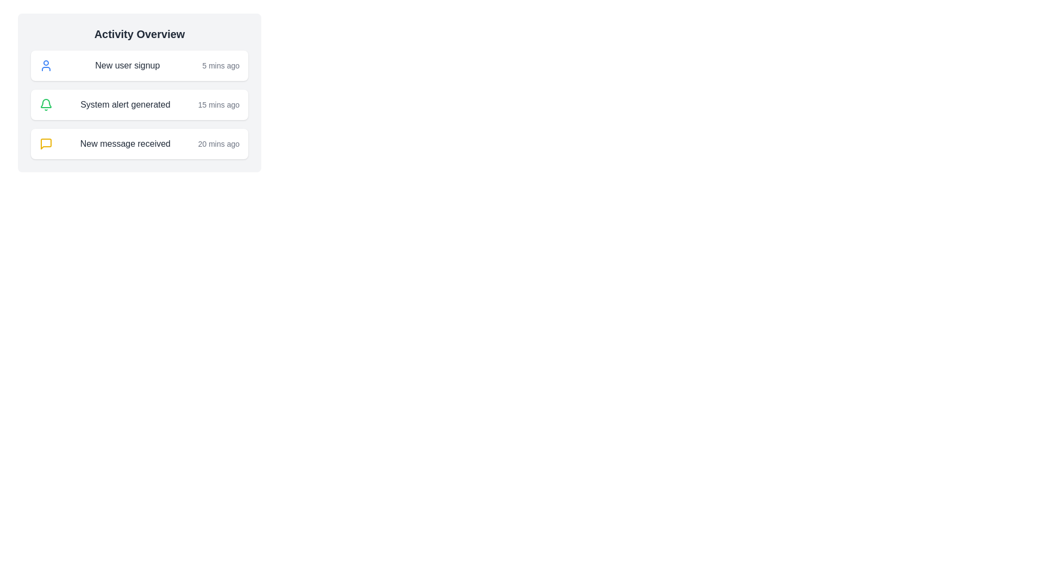 The width and height of the screenshot is (1043, 587). I want to click on the second notification in the 'Activity Overview' section, which indicates a 'System alert' generated 15 minutes ago, so click(139, 104).